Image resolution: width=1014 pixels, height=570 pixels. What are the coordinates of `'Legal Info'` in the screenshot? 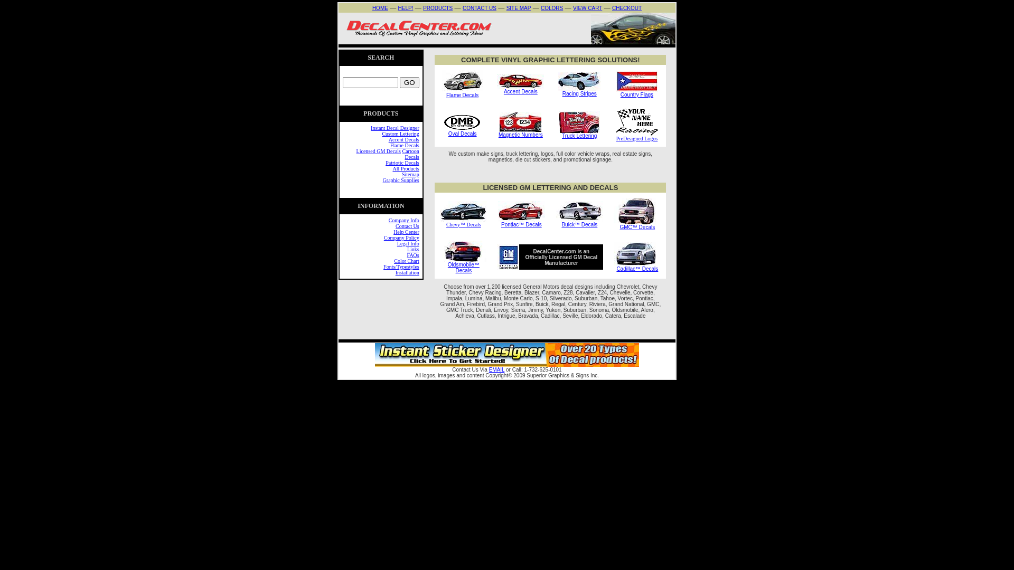 It's located at (407, 243).